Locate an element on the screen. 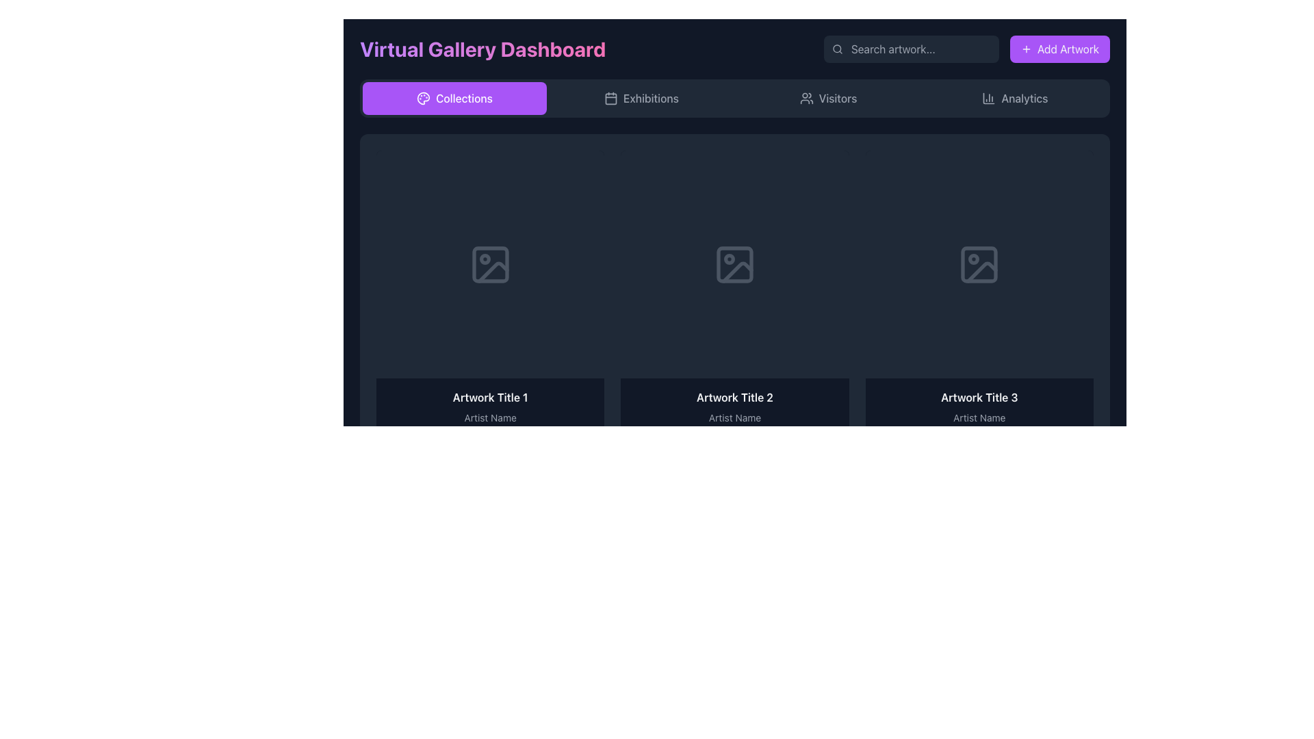  the decorative graphical element (rectangle) located inside the image icon, positioned above 'Artwork Title 2' and 'Artist Name' is located at coordinates (734, 264).